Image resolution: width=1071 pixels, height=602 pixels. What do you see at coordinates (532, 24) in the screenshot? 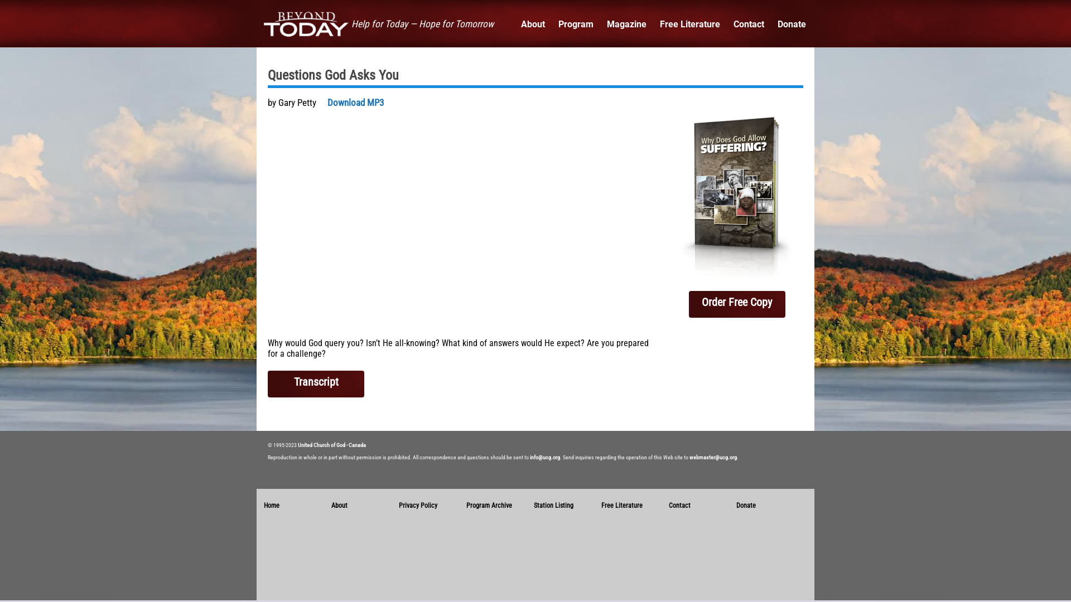
I see `'  About  '` at bounding box center [532, 24].